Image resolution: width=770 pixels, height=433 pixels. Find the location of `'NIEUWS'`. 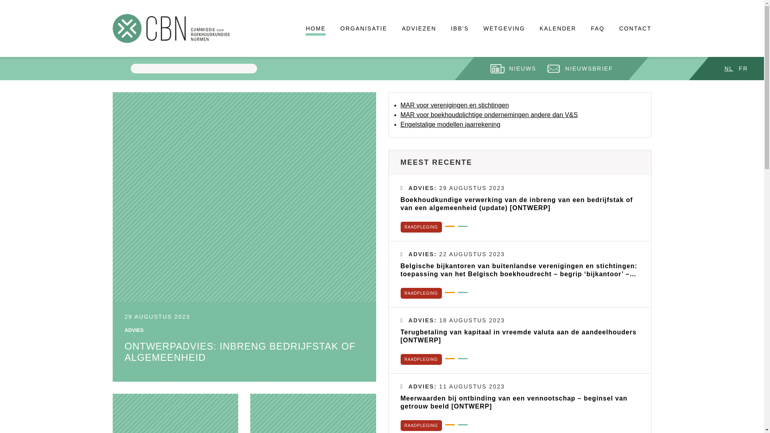

'NIEUWS' is located at coordinates (513, 69).